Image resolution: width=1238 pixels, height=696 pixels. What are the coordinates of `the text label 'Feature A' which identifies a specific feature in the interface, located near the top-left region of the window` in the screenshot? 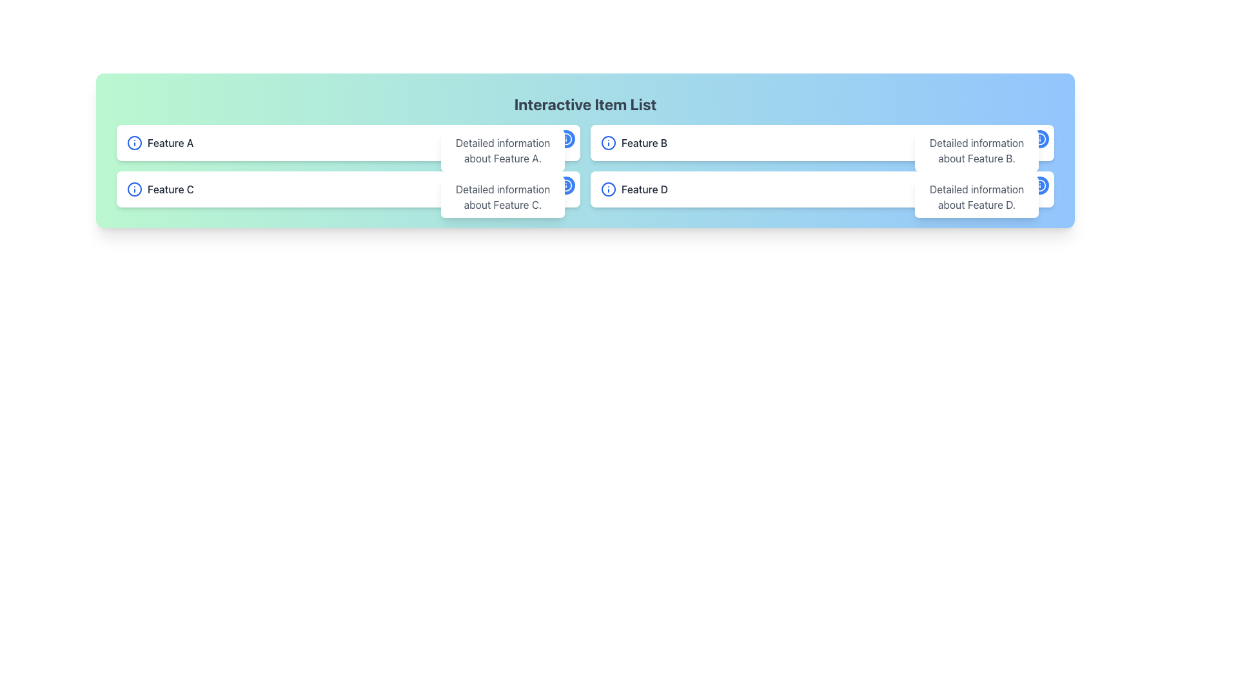 It's located at (170, 143).